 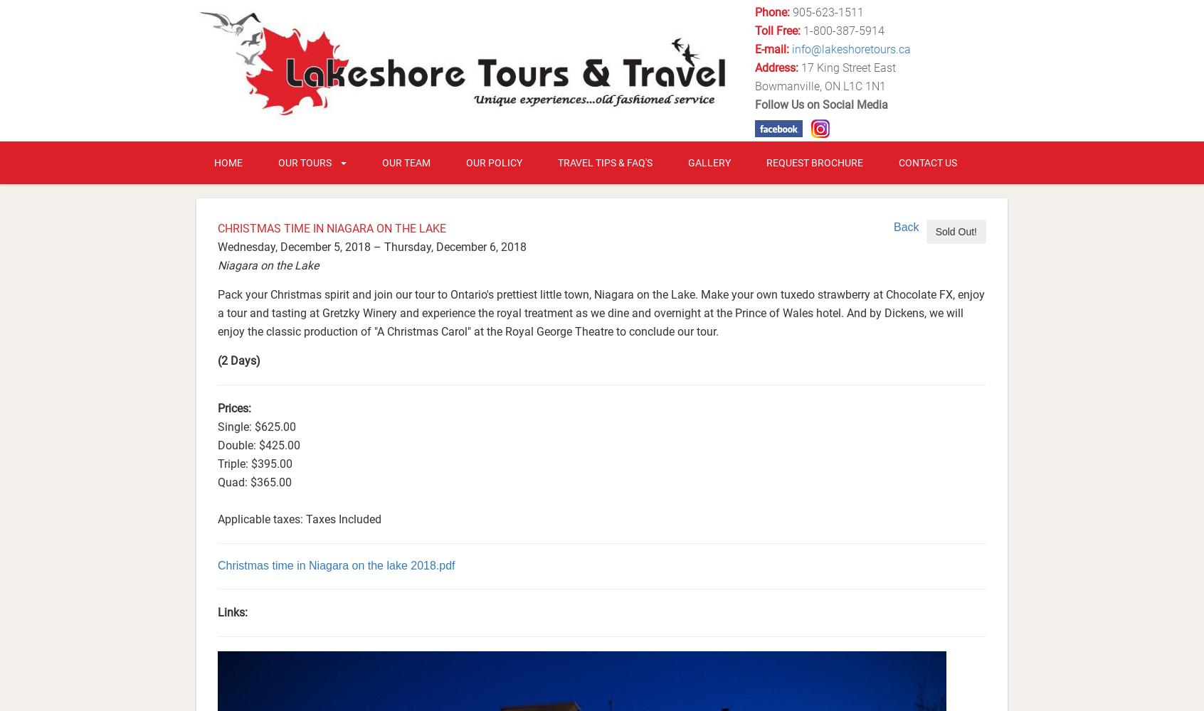 What do you see at coordinates (465, 161) in the screenshot?
I see `'Our Policy'` at bounding box center [465, 161].